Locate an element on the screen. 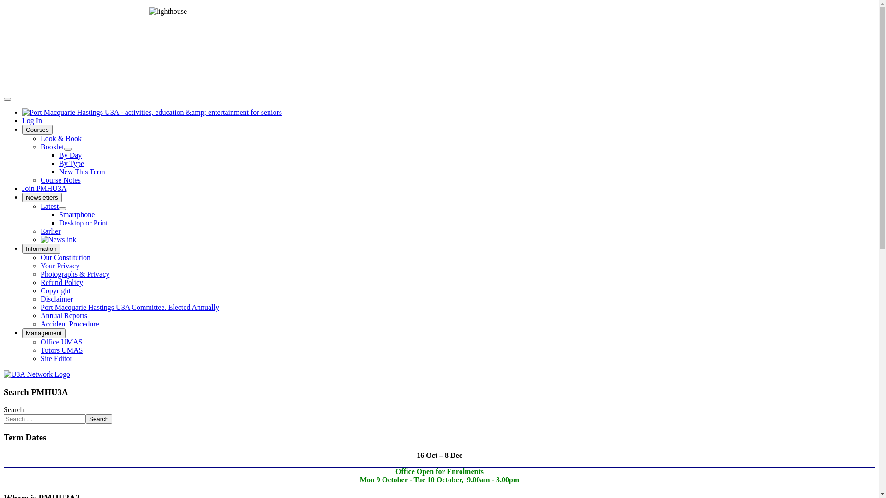 This screenshot has width=886, height=498. 'Latest' is located at coordinates (49, 206).